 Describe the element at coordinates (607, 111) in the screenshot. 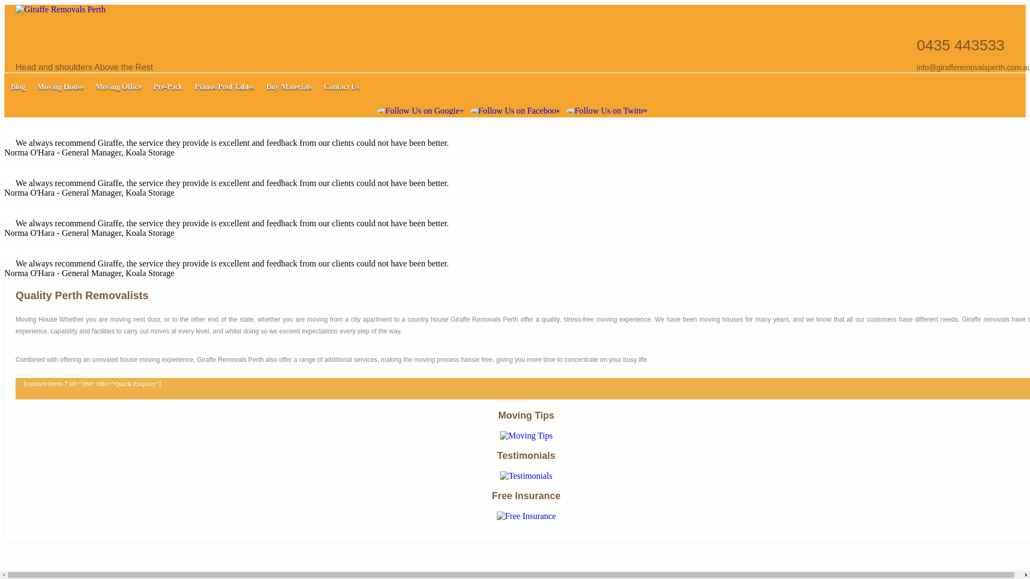

I see `'Follow Us on Twitter'` at that location.